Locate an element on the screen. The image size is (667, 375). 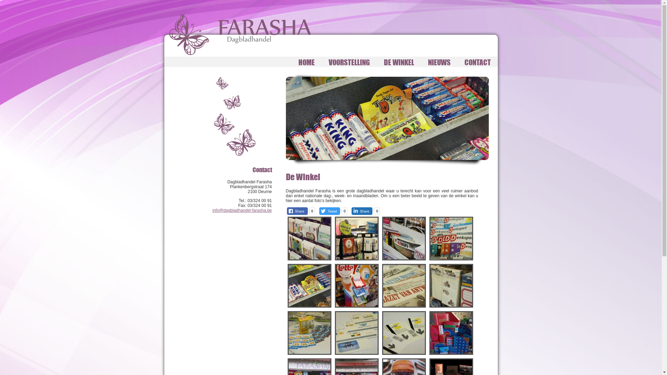
'CONTACT' is located at coordinates (477, 61).